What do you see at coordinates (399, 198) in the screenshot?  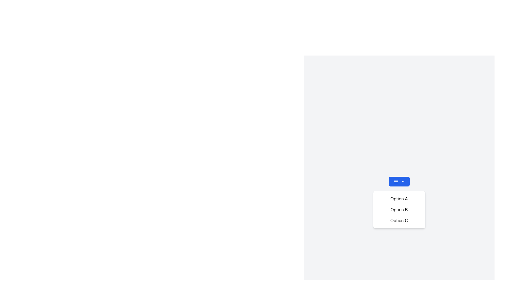 I see `text of the first option 'Option A' in the dropdown menu, which is displayed in a standard font and has a hover effect` at bounding box center [399, 198].